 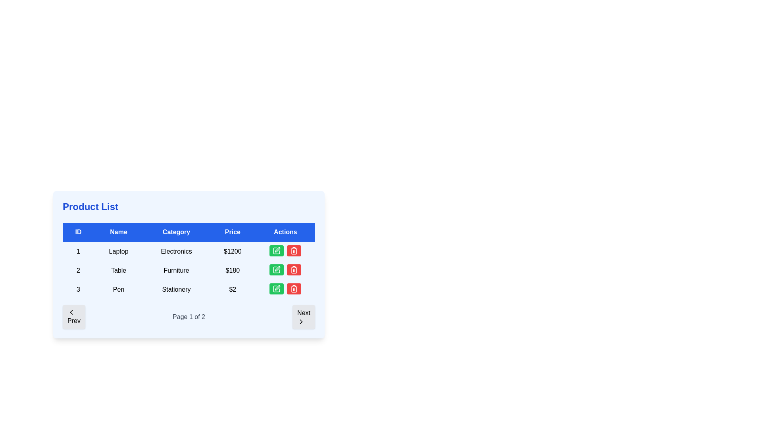 What do you see at coordinates (294, 251) in the screenshot?
I see `the red rectangular shape with rounded corners that forms the main body of the trash bin icon, located in the 'Actions' column of the third row of the table` at bounding box center [294, 251].